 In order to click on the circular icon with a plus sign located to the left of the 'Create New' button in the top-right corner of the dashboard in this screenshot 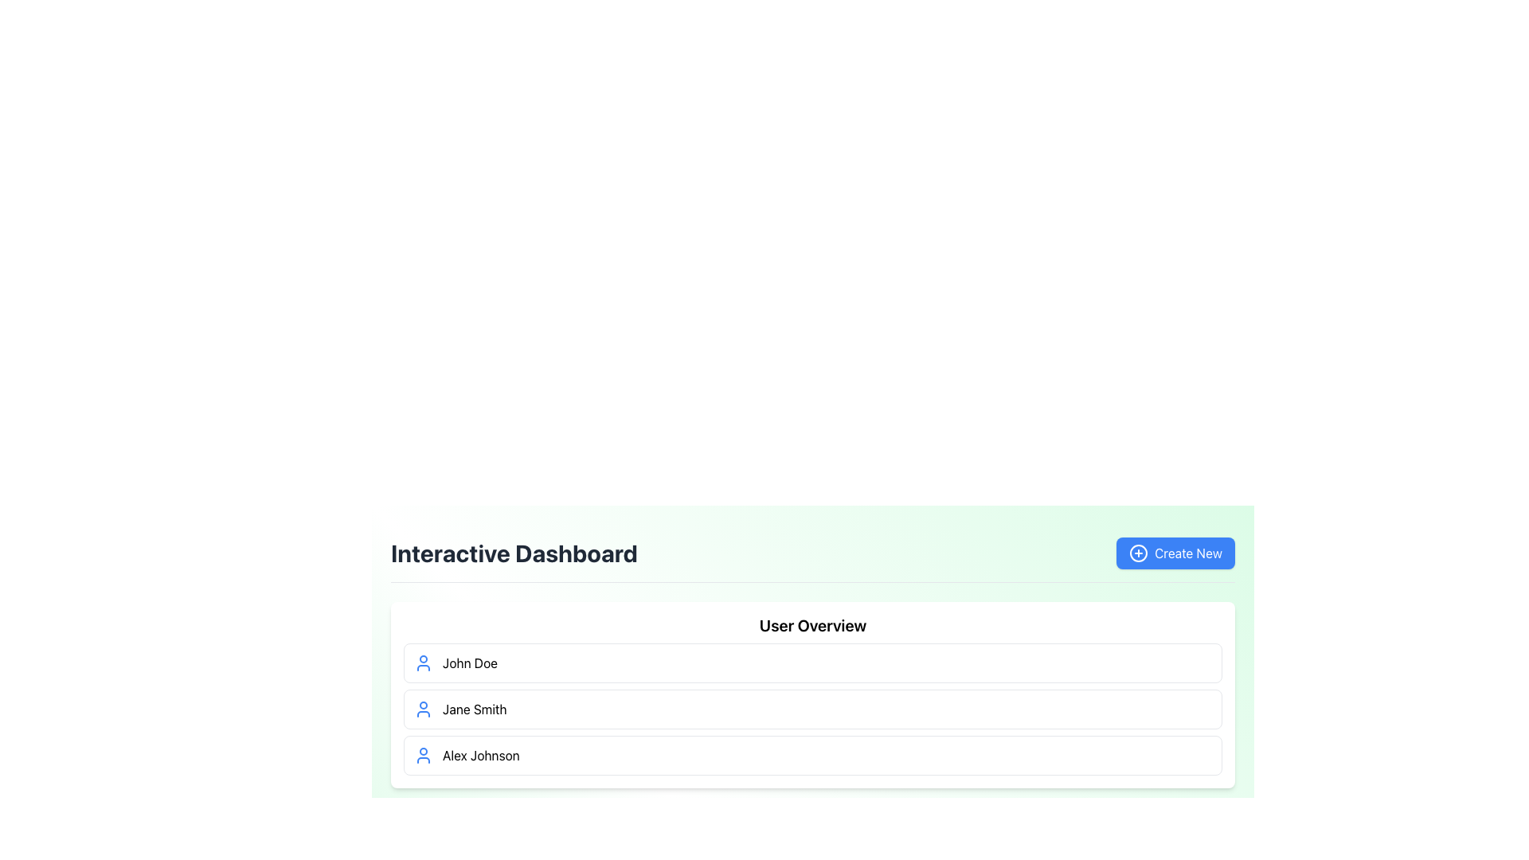, I will do `click(1138, 552)`.